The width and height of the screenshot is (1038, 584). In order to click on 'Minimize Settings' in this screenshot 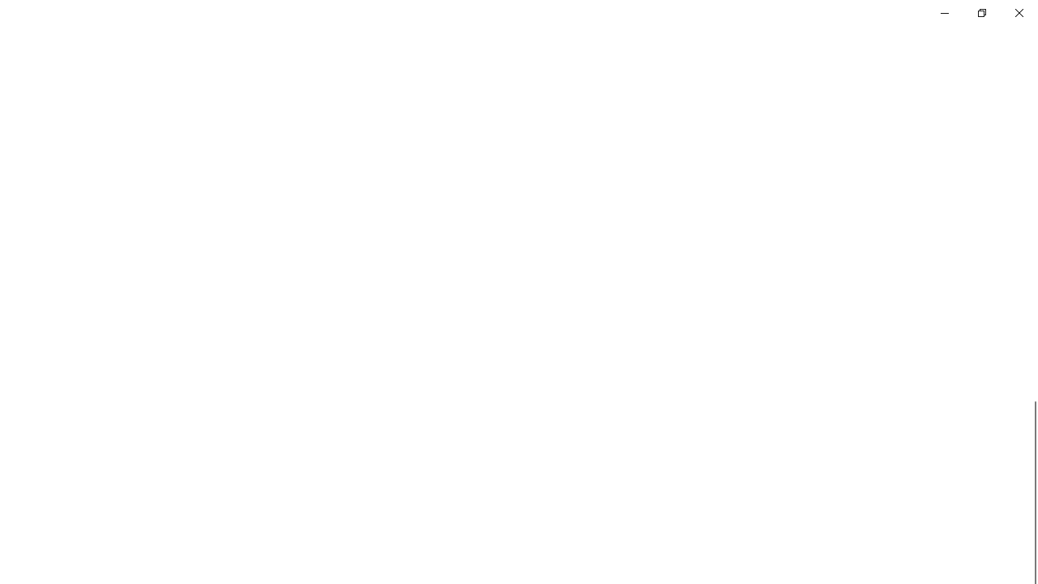, I will do `click(944, 12)`.